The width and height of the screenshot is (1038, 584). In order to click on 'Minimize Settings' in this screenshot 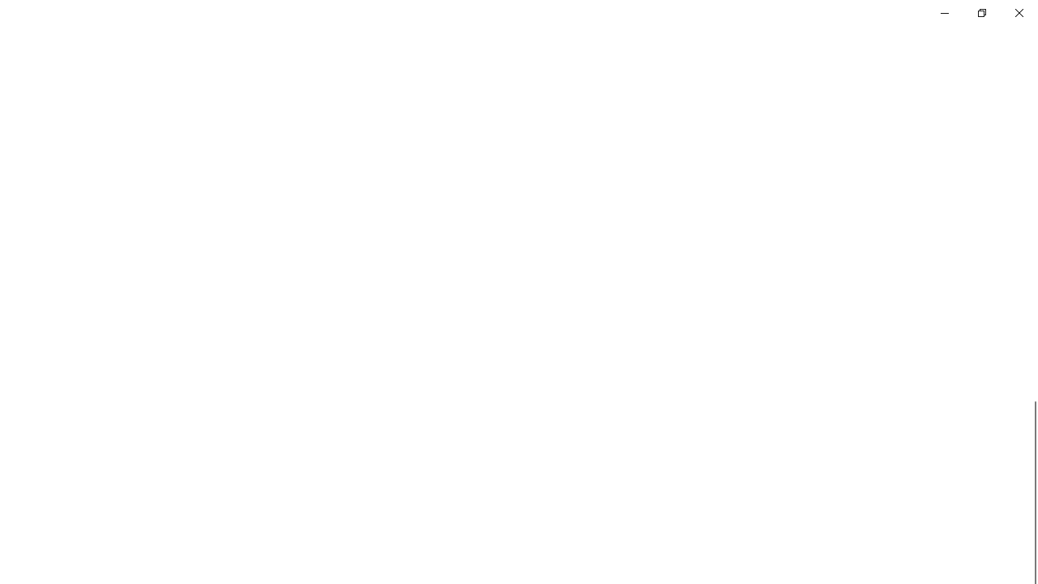, I will do `click(944, 12)`.